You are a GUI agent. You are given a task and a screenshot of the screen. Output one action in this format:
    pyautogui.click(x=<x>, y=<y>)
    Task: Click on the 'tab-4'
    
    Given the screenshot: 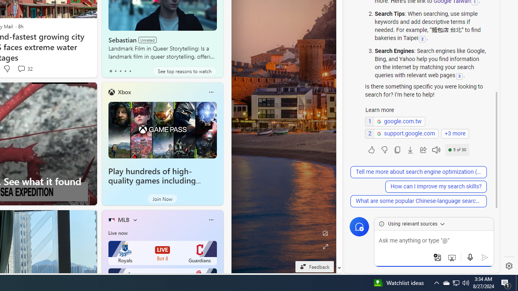 What is the action you would take?
    pyautogui.click(x=130, y=71)
    